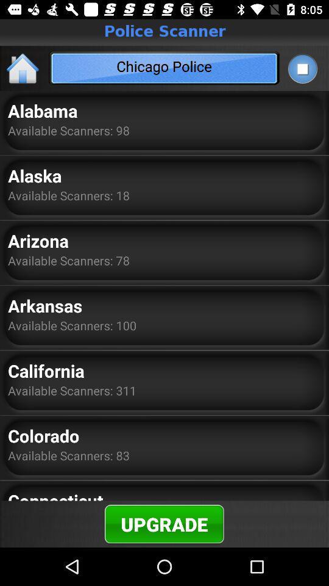 Image resolution: width=329 pixels, height=586 pixels. I want to click on the item below available scanners: 100 app, so click(45, 370).